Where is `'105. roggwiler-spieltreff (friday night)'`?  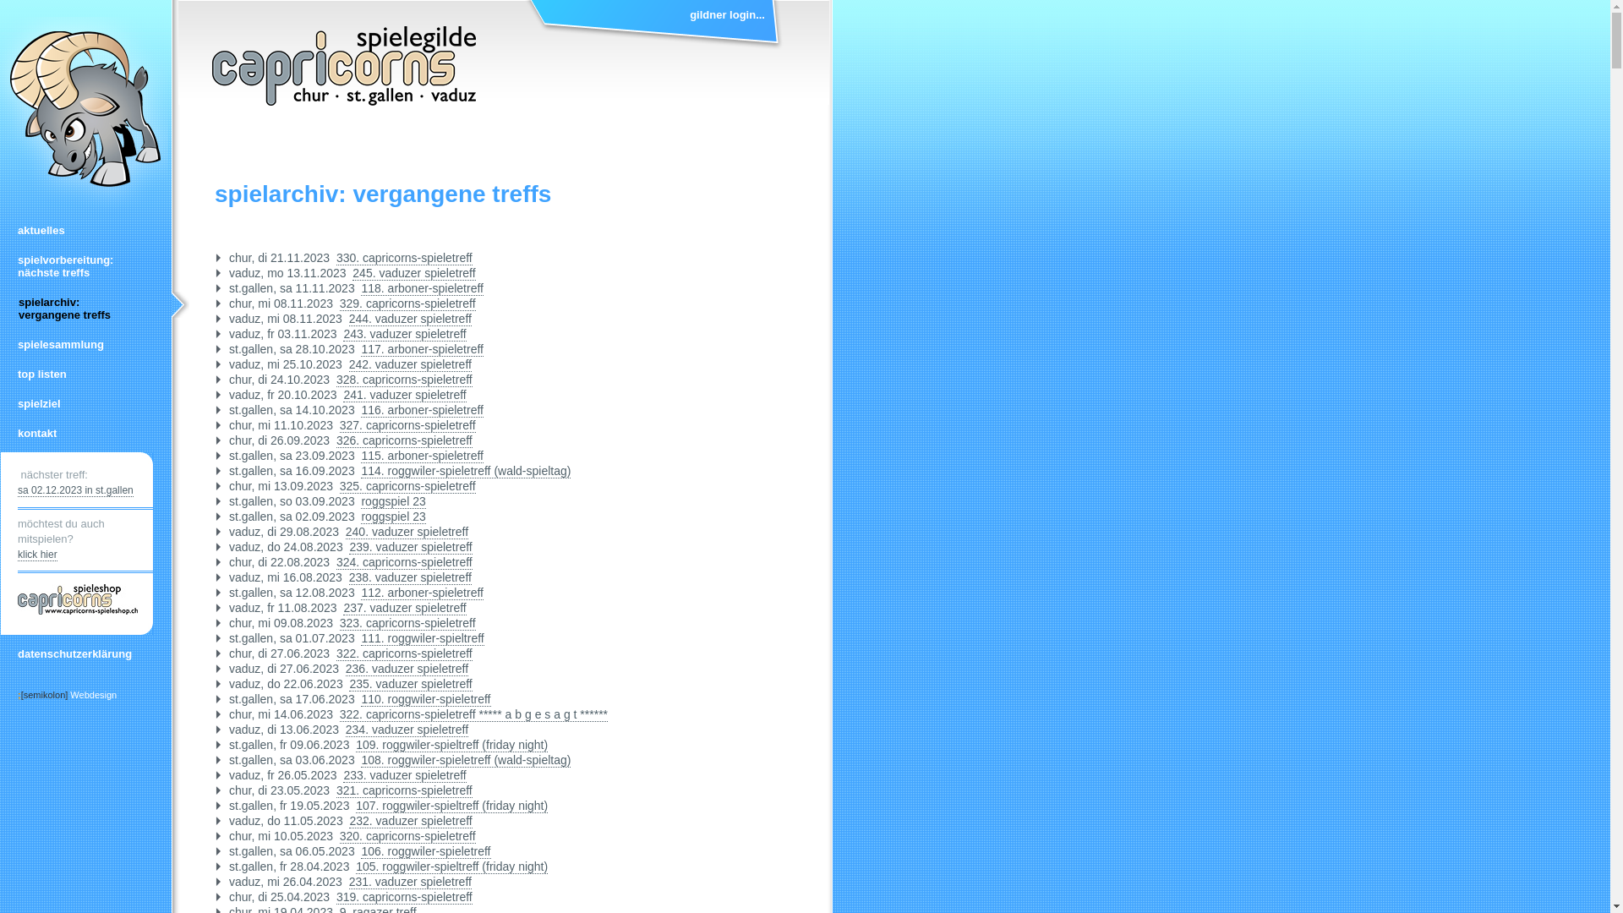 '105. roggwiler-spieltreff (friday night)' is located at coordinates (451, 867).